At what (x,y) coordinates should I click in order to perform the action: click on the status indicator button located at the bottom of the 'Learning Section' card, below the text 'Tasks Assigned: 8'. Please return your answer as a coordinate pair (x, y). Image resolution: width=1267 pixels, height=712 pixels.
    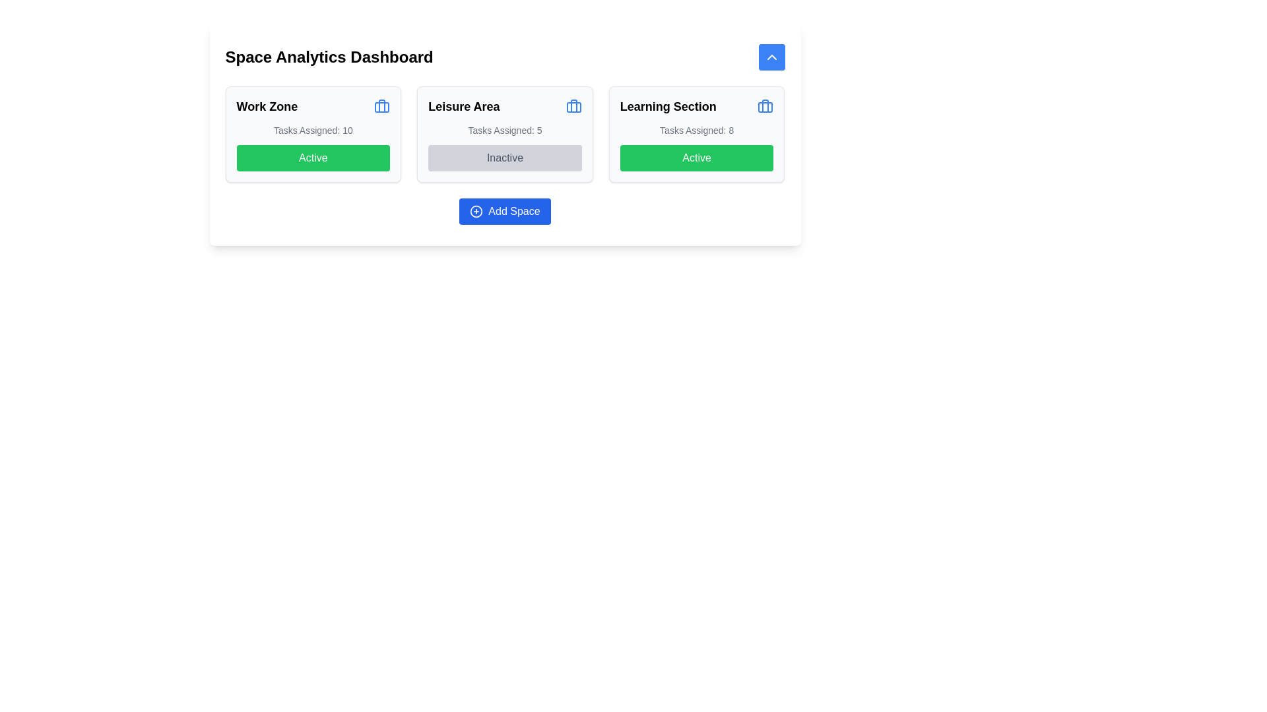
    Looking at the image, I should click on (696, 157).